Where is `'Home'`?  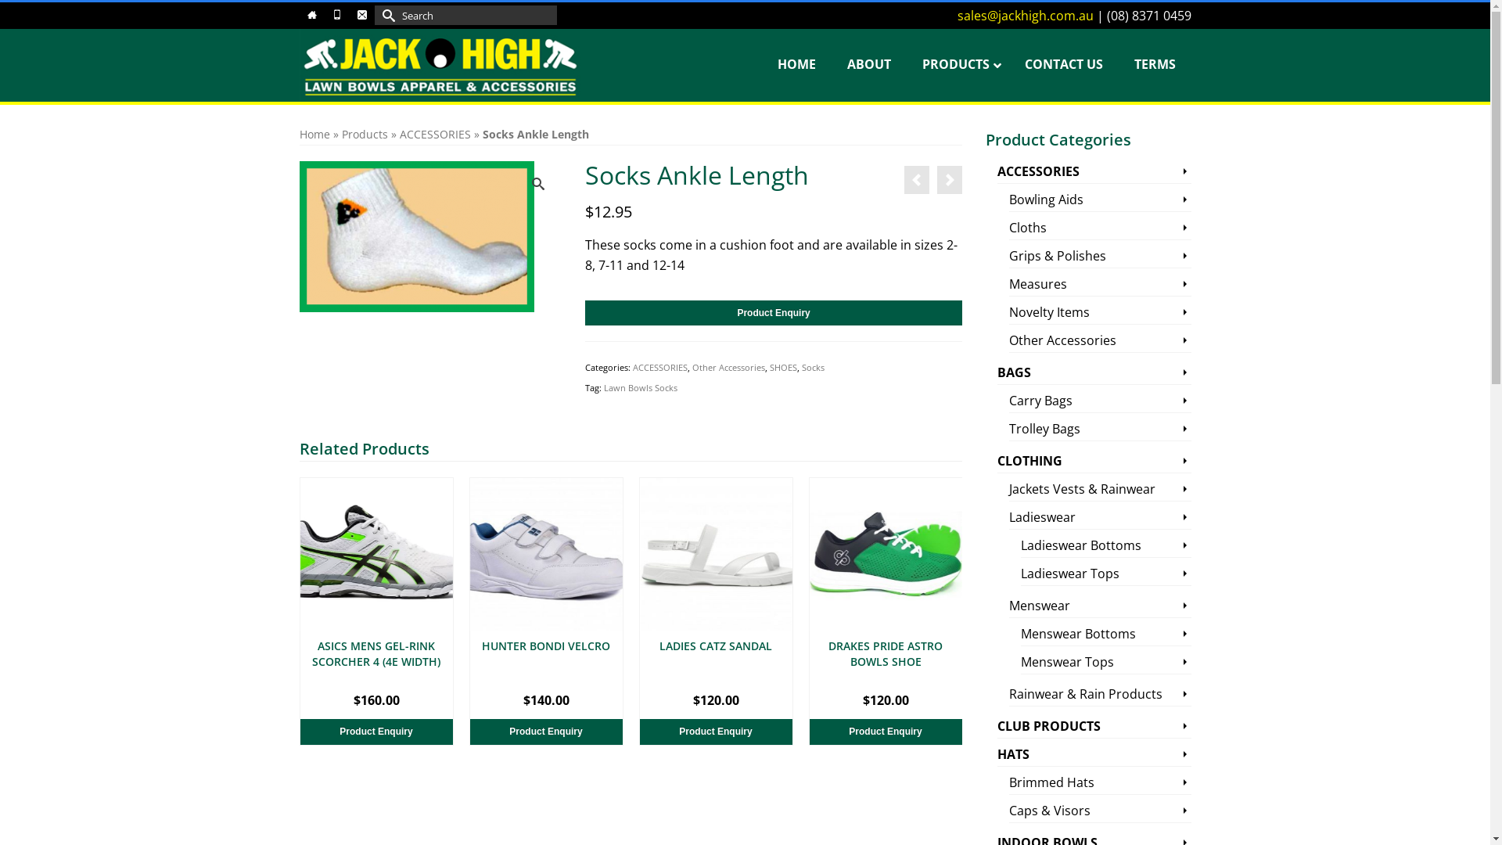
'Home' is located at coordinates (299, 133).